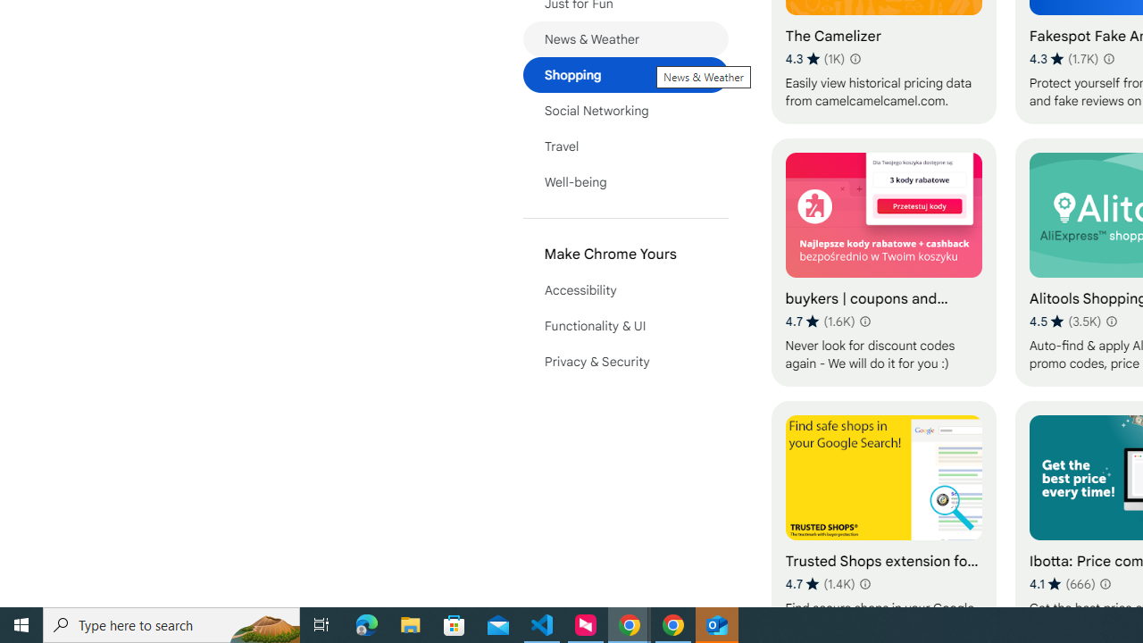  What do you see at coordinates (625, 362) in the screenshot?
I see `'Privacy & Security'` at bounding box center [625, 362].